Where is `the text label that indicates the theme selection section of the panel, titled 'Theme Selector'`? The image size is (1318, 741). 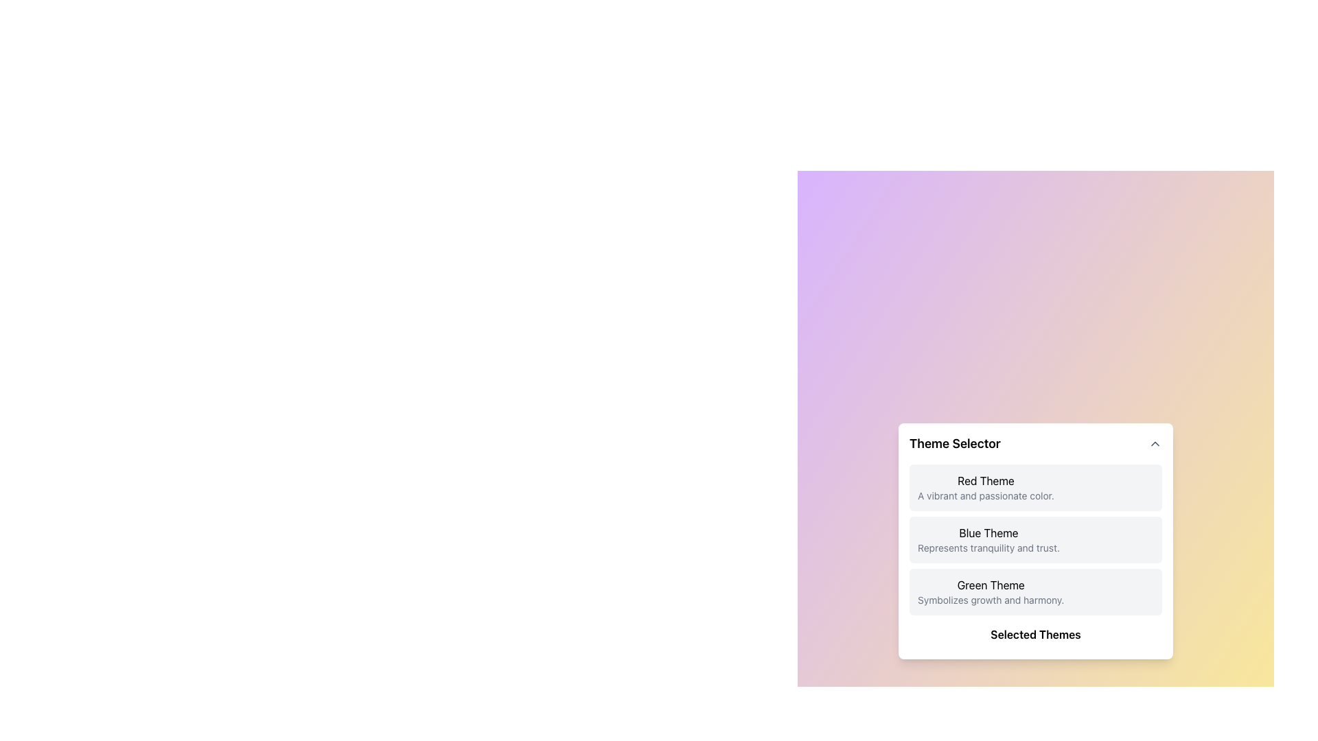
the text label that indicates the theme selection section of the panel, titled 'Theme Selector' is located at coordinates (954, 444).